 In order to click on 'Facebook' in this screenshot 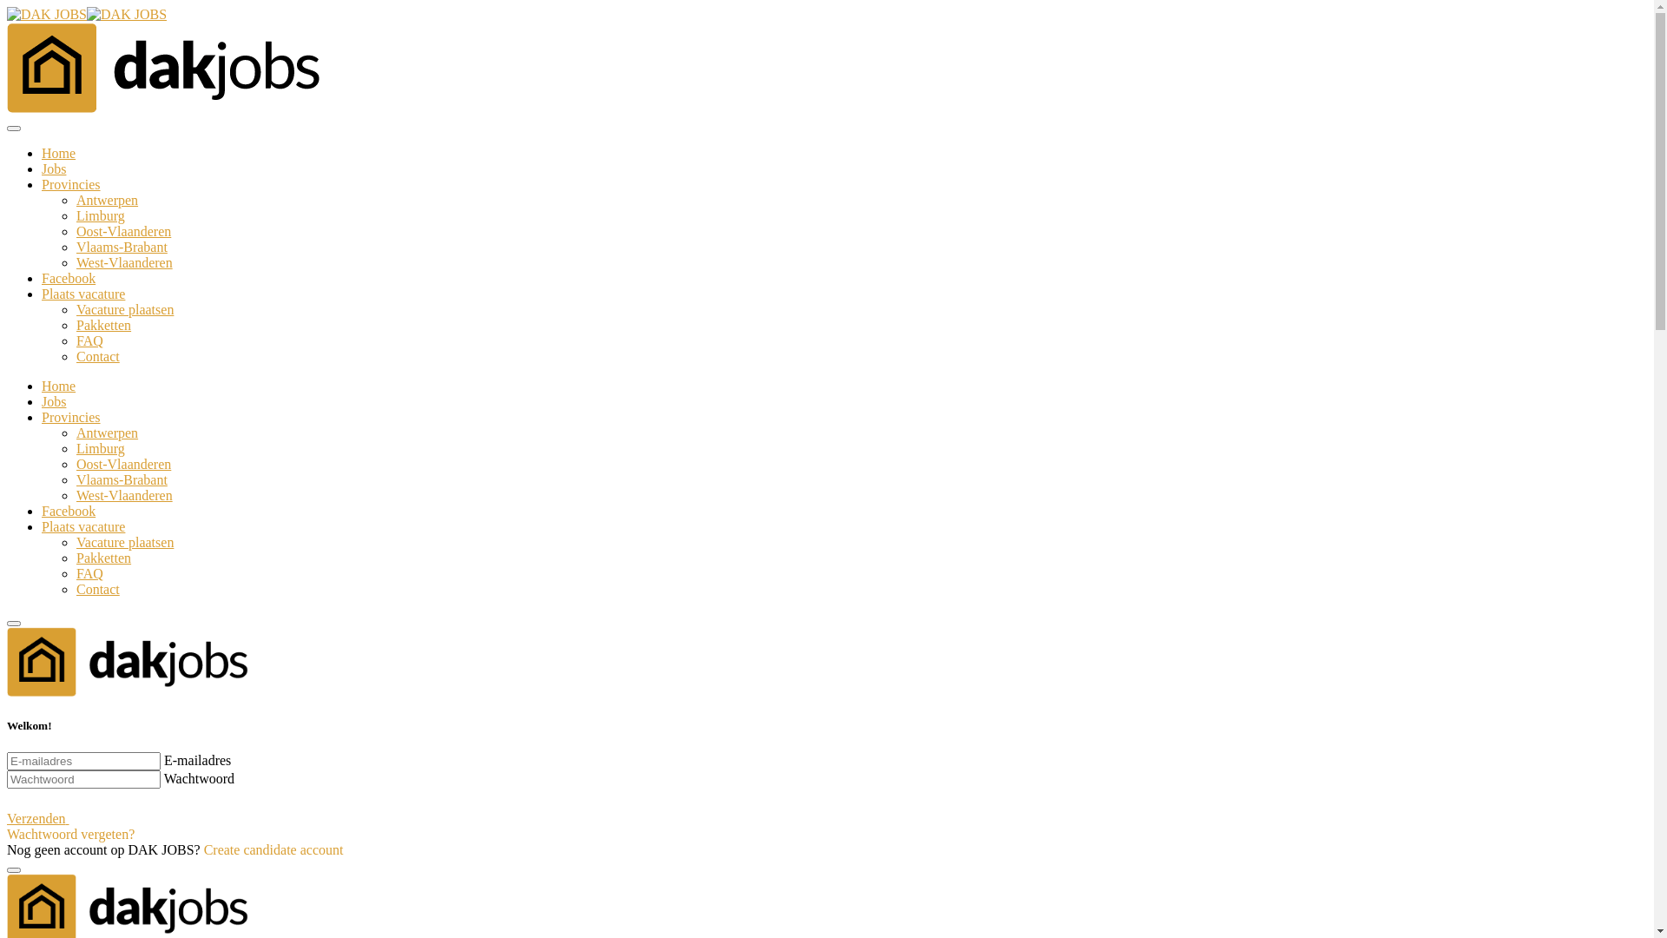, I will do `click(68, 510)`.